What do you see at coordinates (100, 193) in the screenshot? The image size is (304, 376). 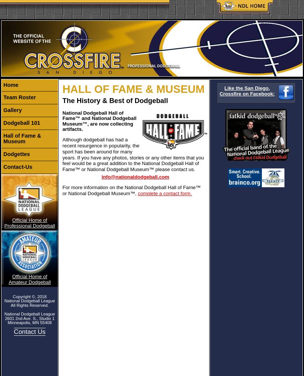 I see `'or National Dodgeball Museum™,'` at bounding box center [100, 193].